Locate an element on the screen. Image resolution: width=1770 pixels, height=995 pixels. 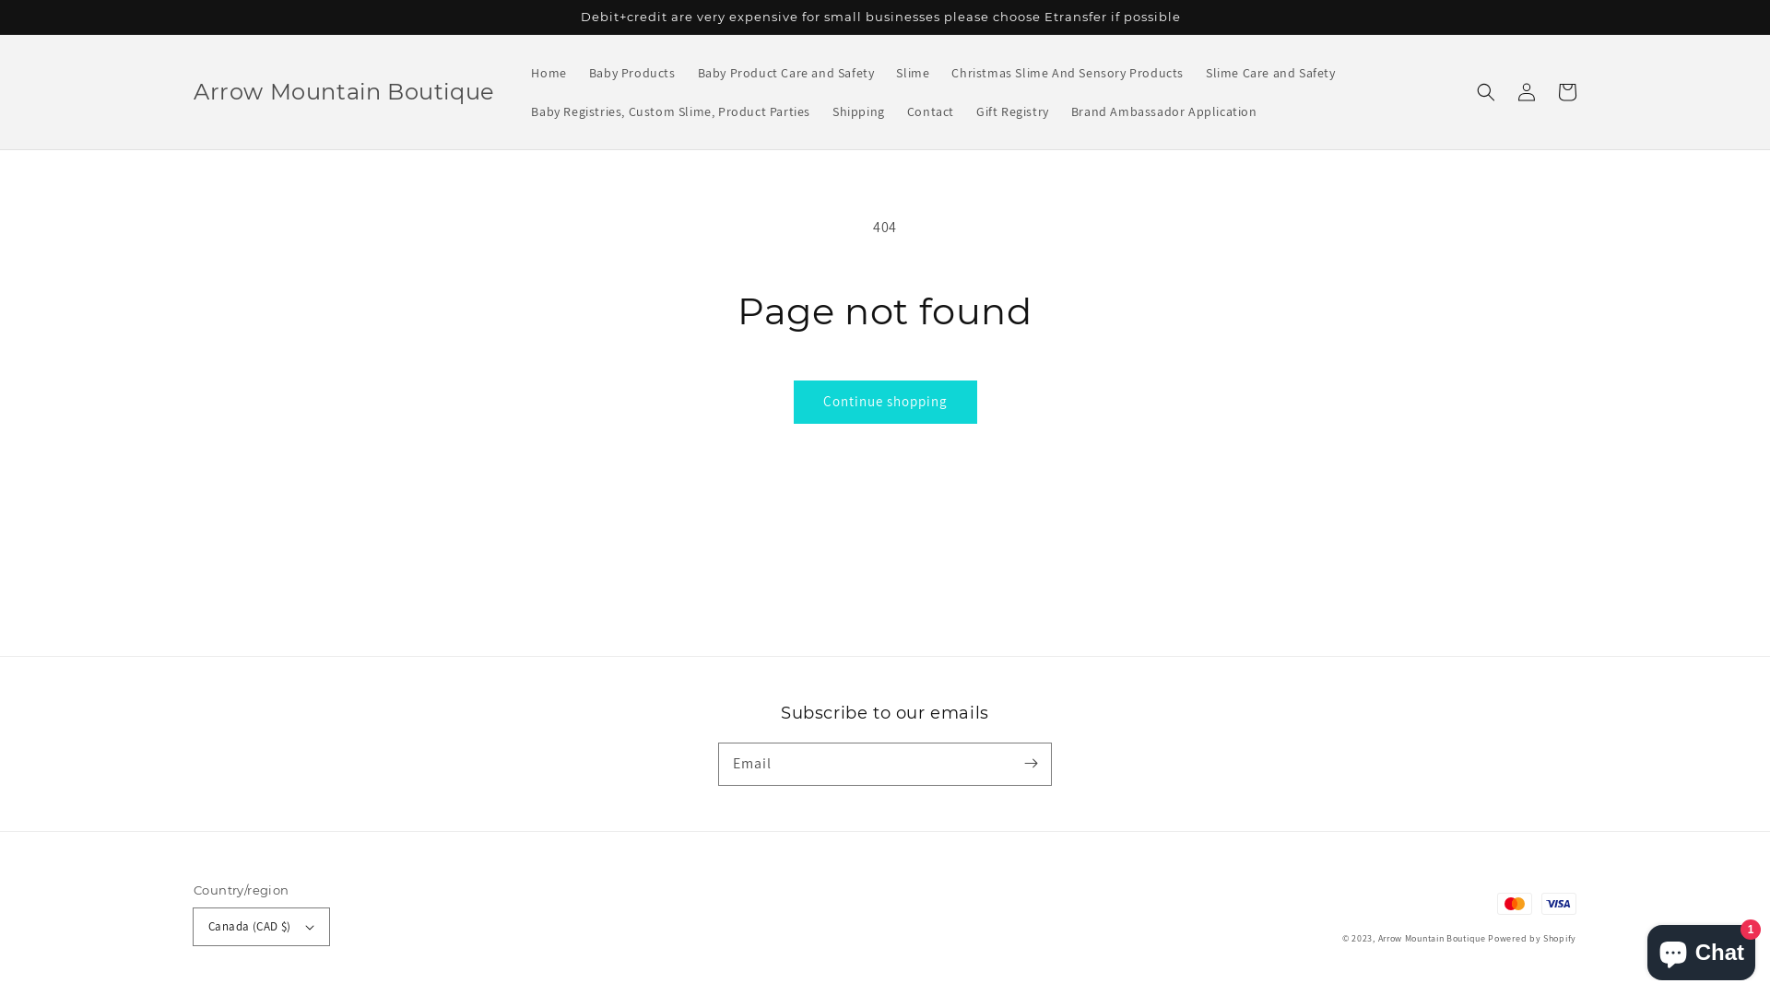
'Canada (CAD $)' is located at coordinates (194, 927).